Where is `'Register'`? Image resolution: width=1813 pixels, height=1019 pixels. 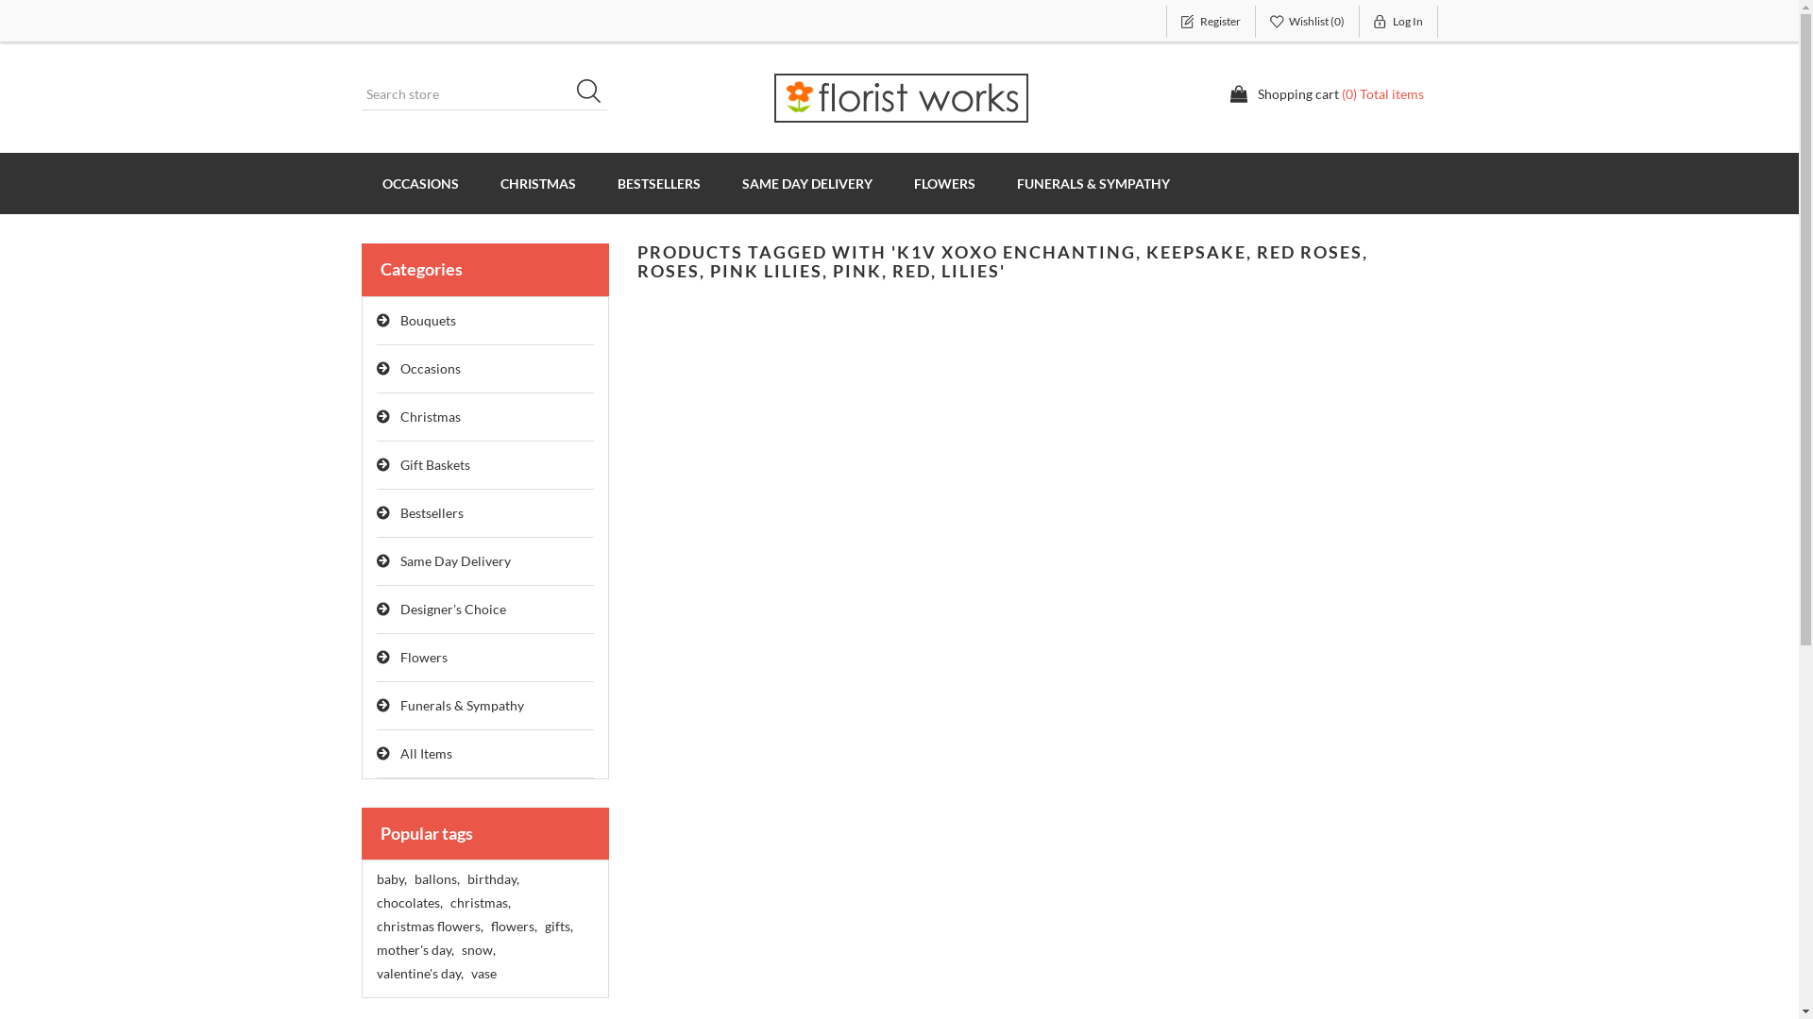 'Register' is located at coordinates (1210, 22).